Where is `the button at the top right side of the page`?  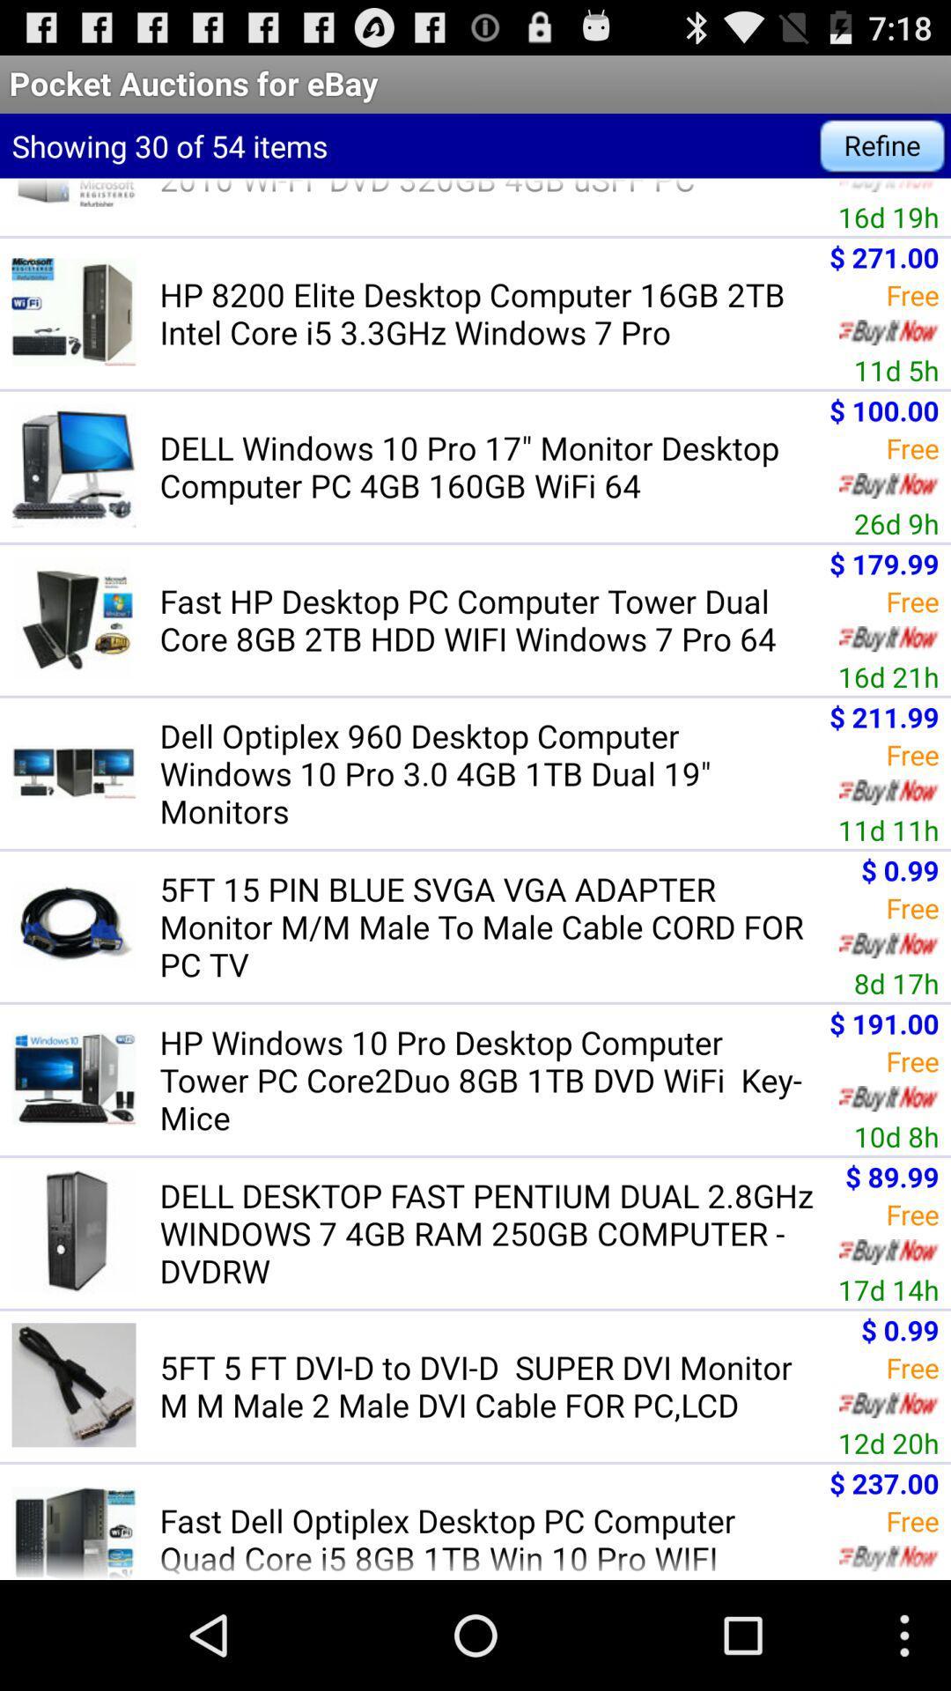
the button at the top right side of the page is located at coordinates (882, 146).